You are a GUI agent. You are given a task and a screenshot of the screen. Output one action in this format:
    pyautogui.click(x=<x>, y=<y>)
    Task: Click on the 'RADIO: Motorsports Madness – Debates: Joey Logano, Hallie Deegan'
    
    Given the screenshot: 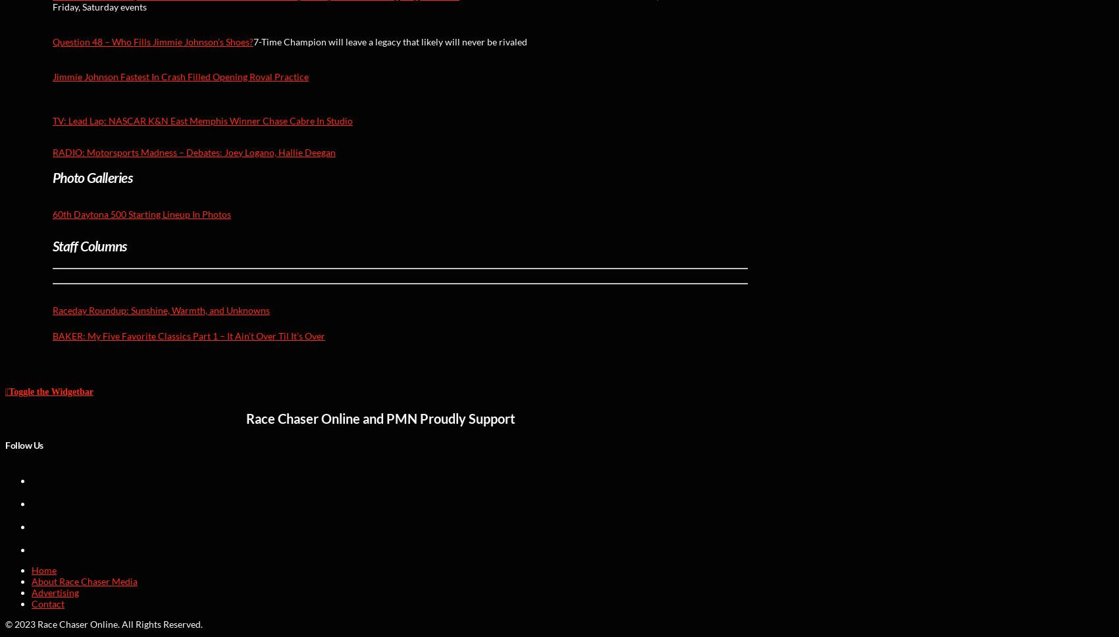 What is the action you would take?
    pyautogui.click(x=194, y=151)
    